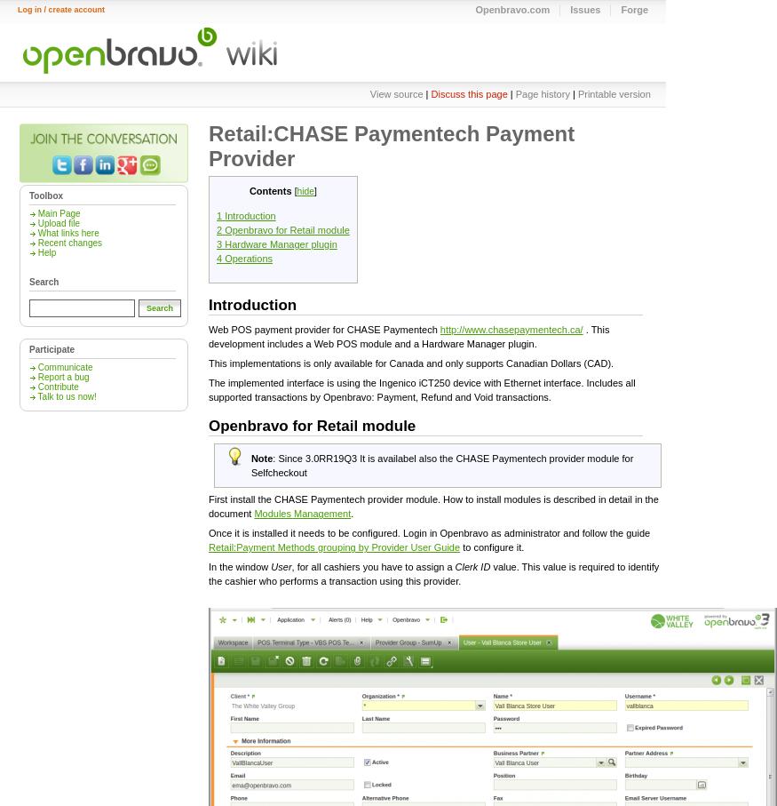  I want to click on 'Printable version', so click(613, 93).